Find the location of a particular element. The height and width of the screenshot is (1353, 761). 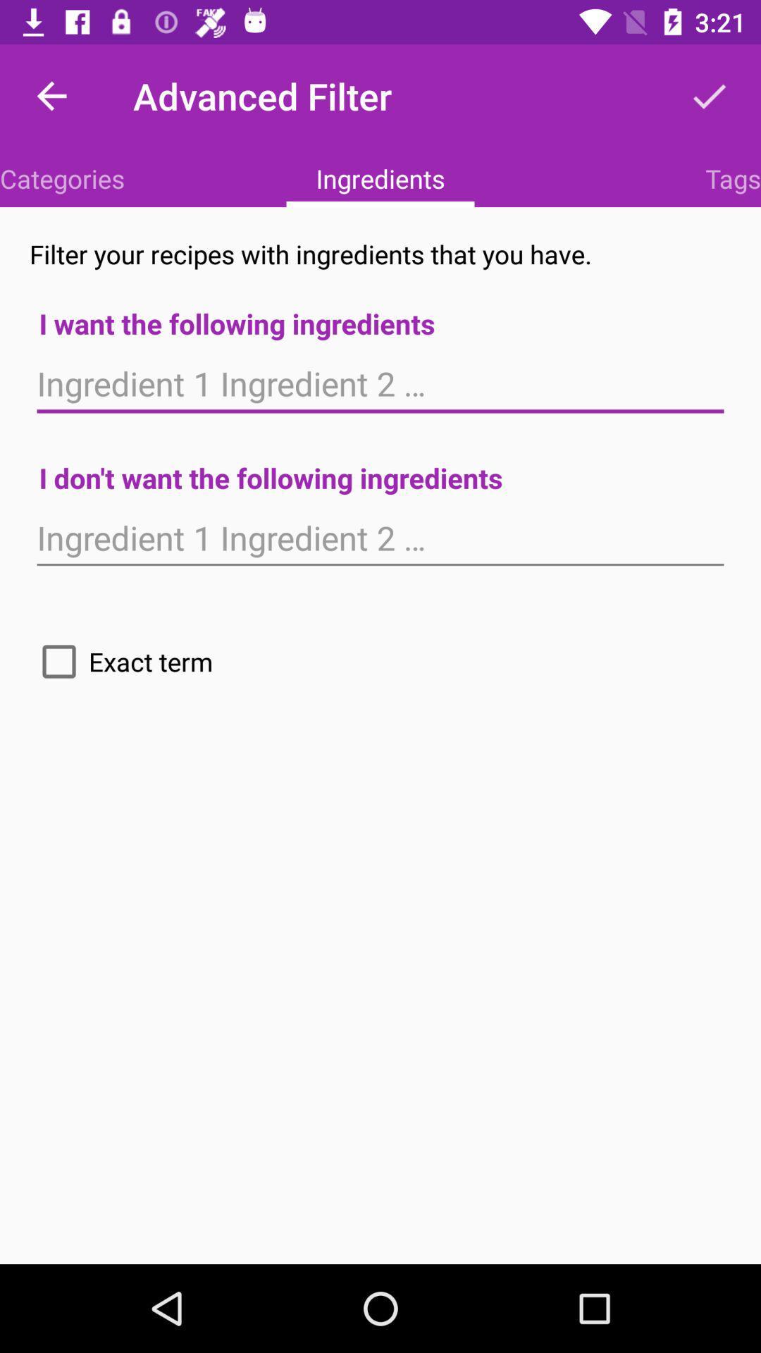

icon next to the advanced filter icon is located at coordinates (51, 95).